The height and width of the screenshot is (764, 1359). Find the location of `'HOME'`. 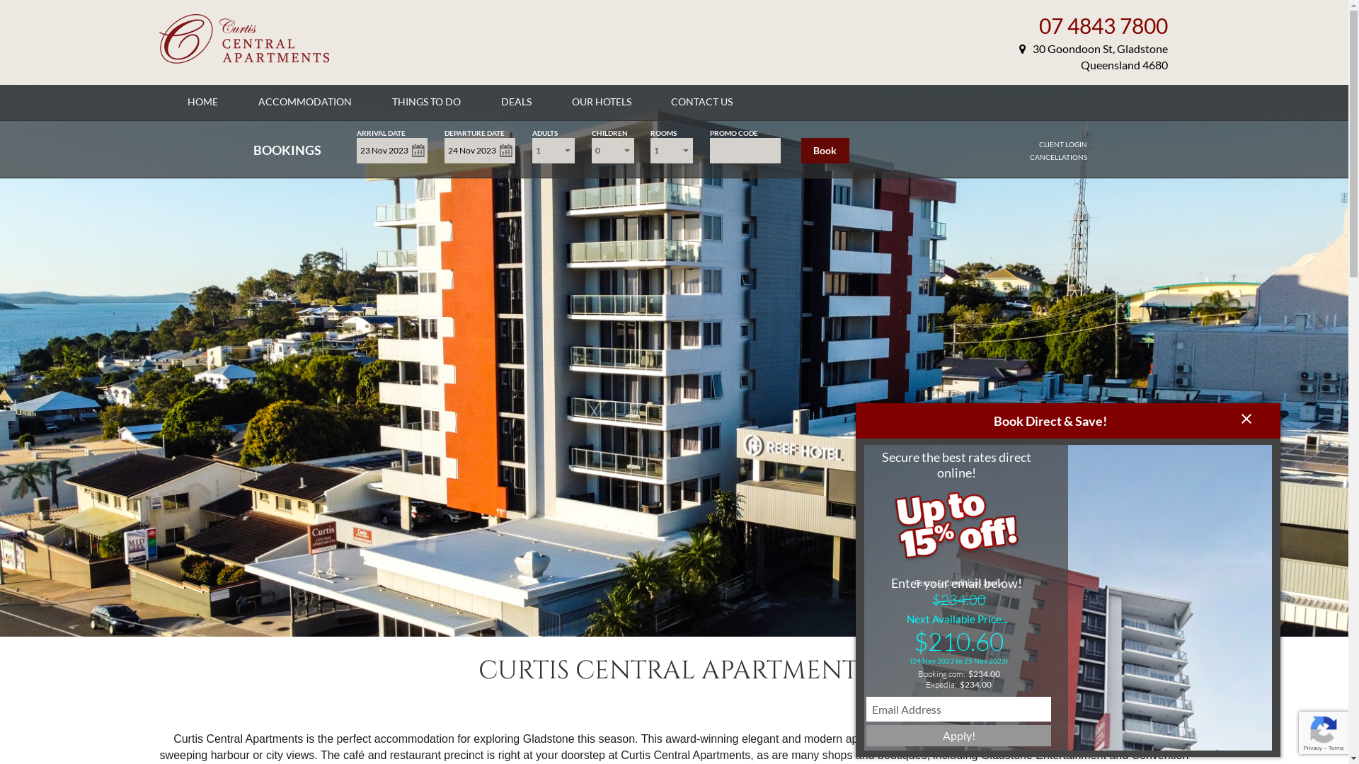

'HOME' is located at coordinates (202, 100).